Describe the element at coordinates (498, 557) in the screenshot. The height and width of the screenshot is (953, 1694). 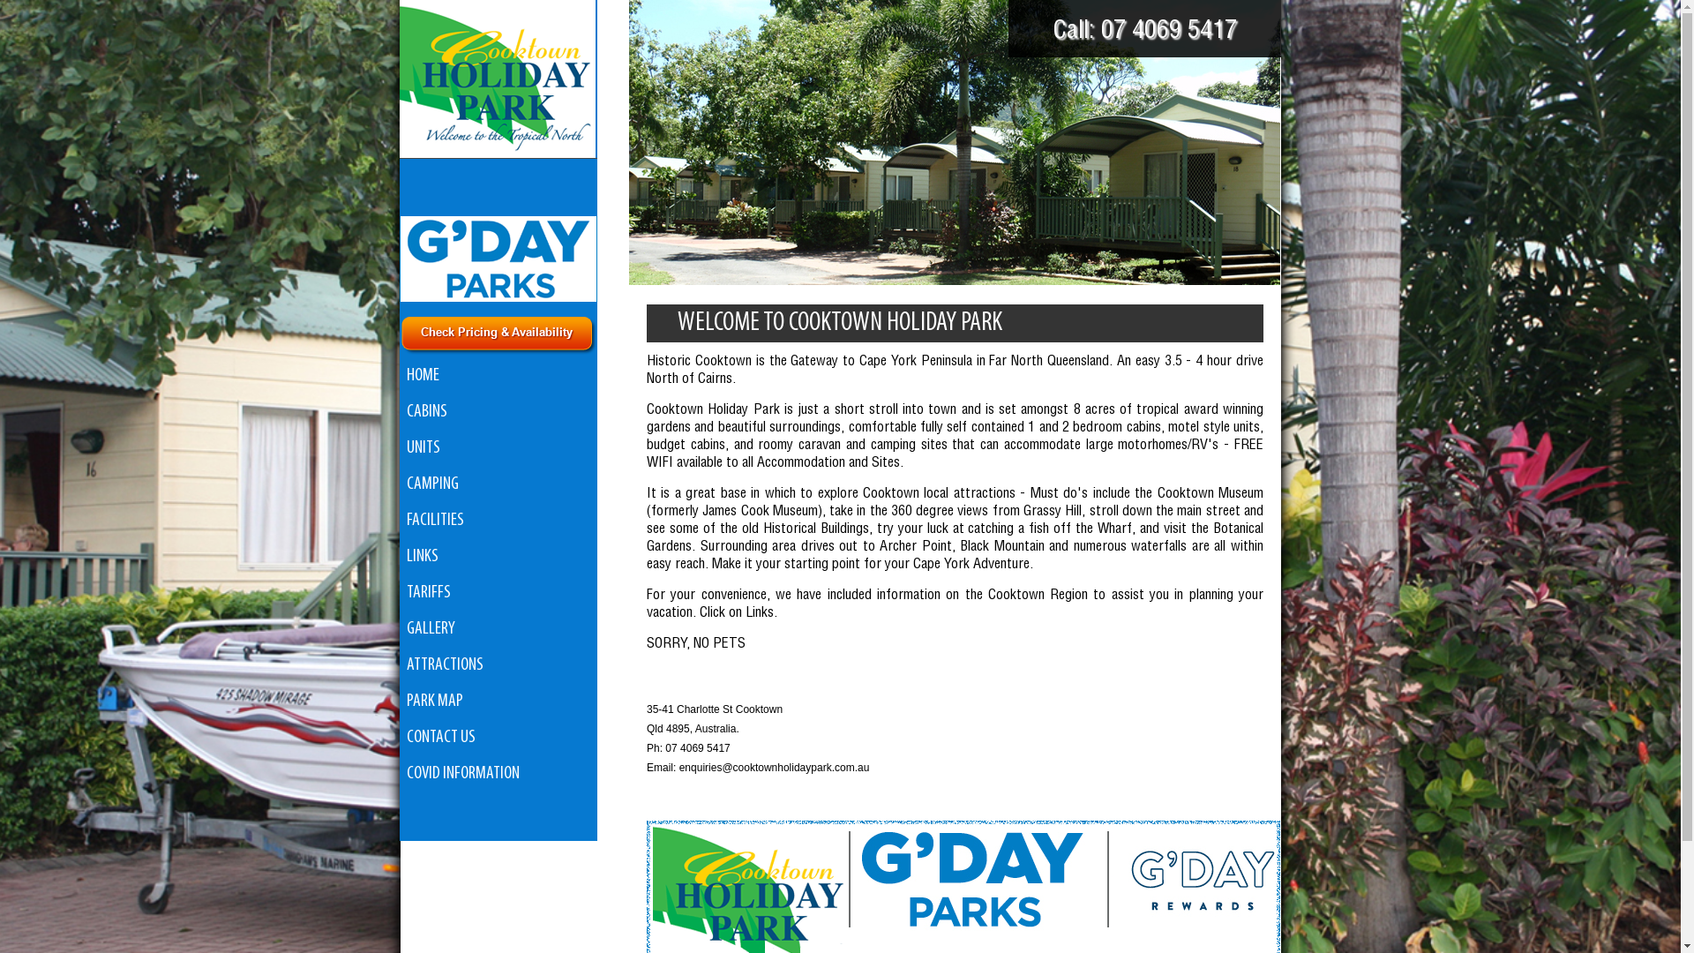
I see `'LINKS'` at that location.